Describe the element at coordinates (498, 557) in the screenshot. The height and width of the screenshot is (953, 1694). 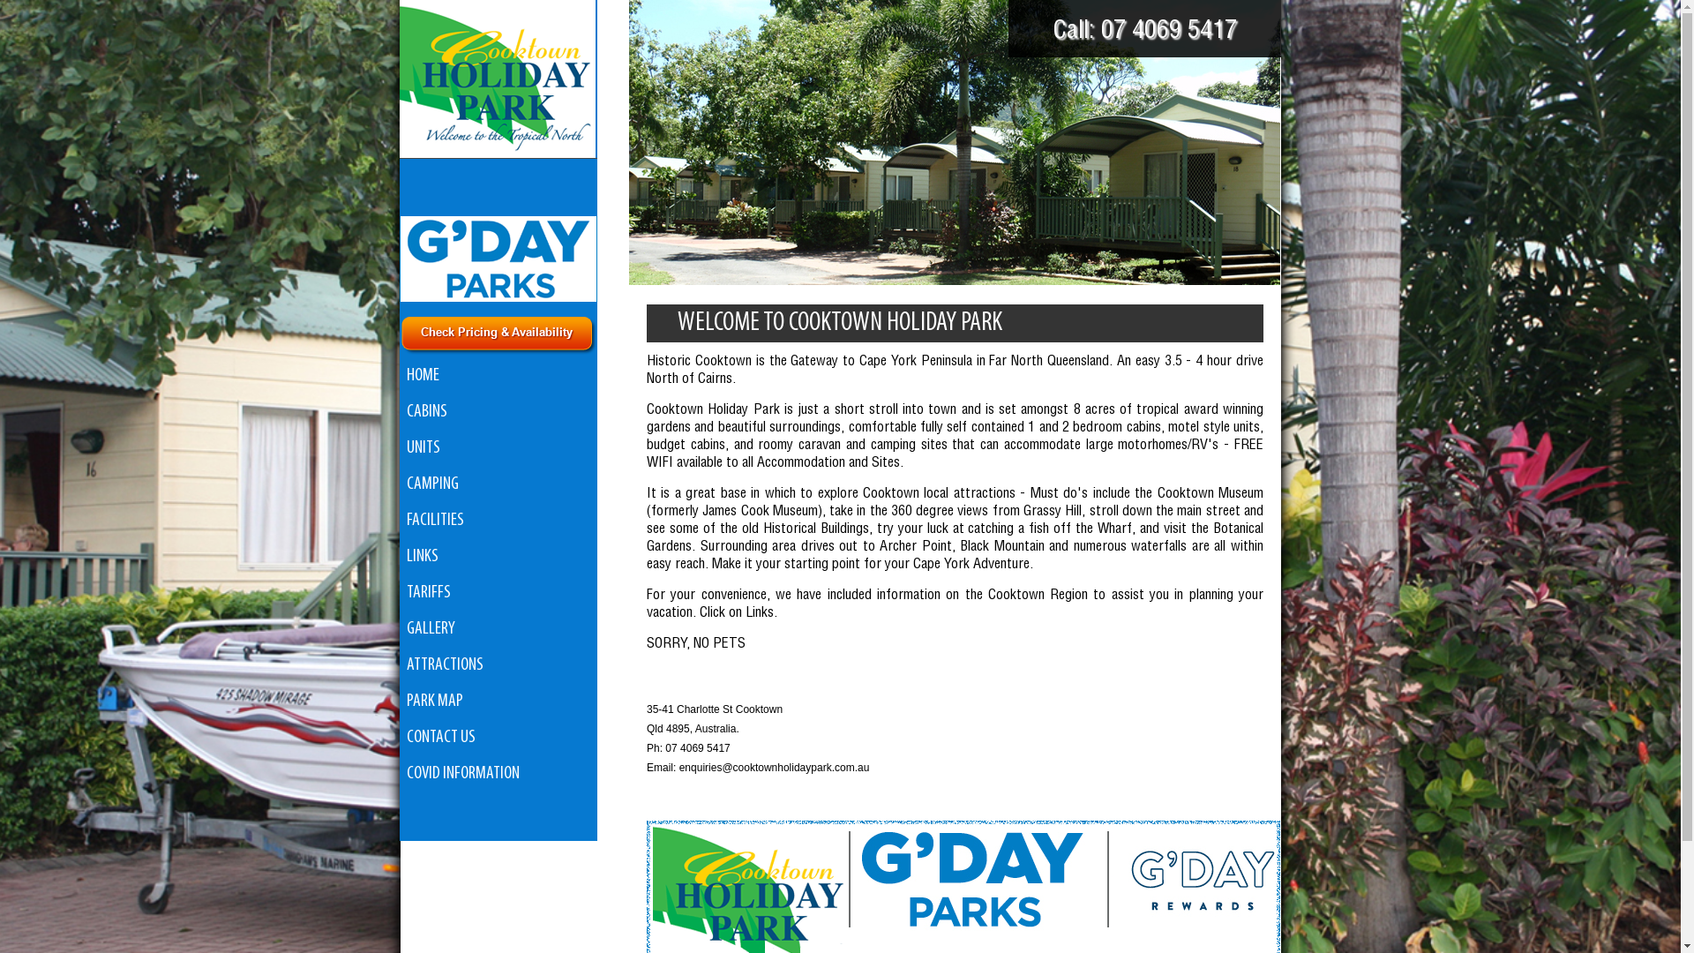
I see `'LINKS'` at that location.